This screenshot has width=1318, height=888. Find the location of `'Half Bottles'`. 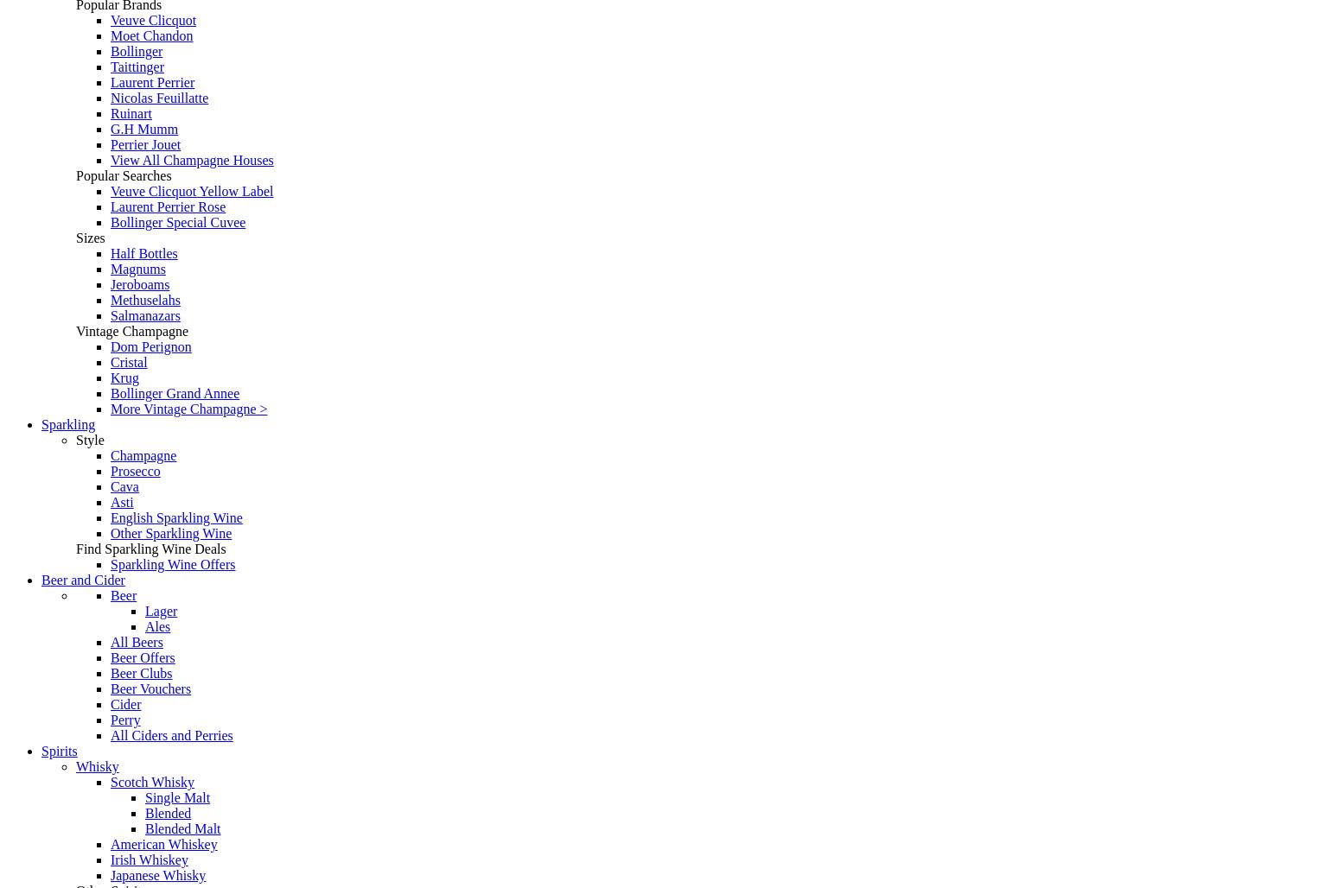

'Half Bottles' is located at coordinates (143, 253).